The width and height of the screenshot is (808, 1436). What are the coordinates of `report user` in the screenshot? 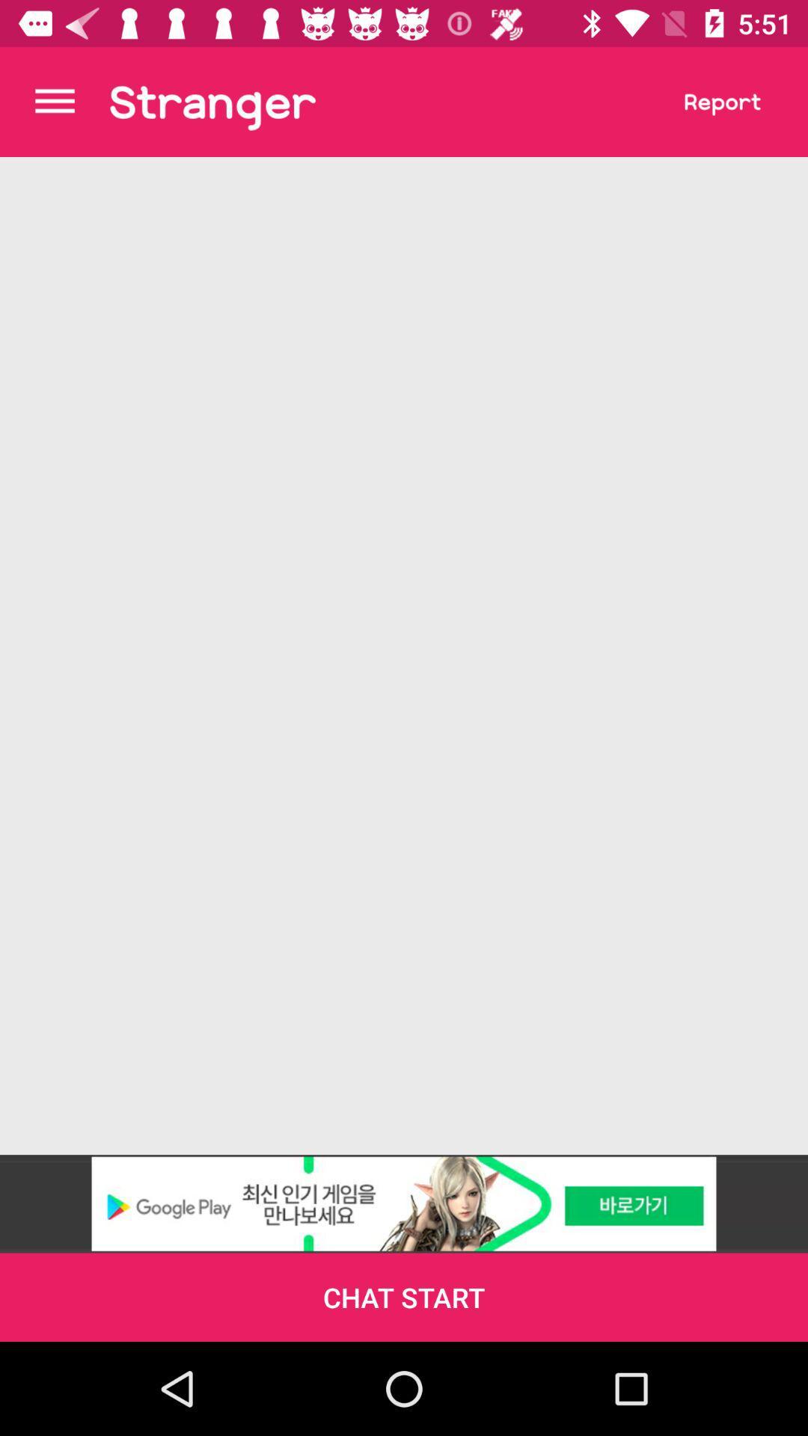 It's located at (722, 101).